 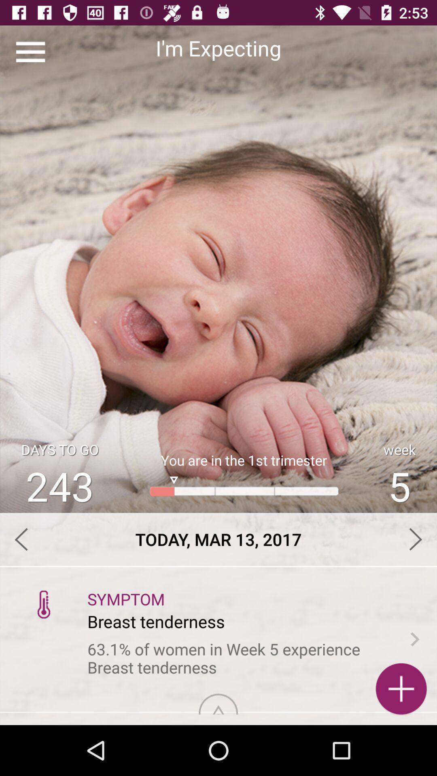 I want to click on the 63 1 of, so click(x=240, y=658).